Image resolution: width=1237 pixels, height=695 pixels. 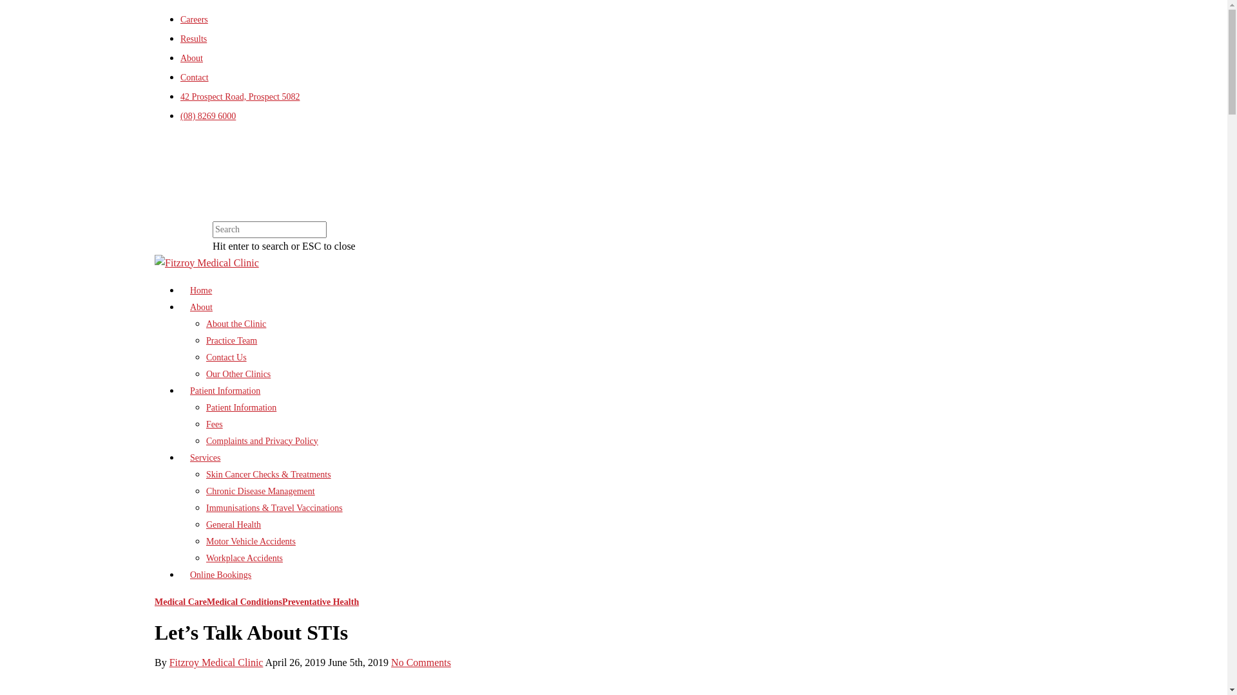 What do you see at coordinates (193, 19) in the screenshot?
I see `'Careers'` at bounding box center [193, 19].